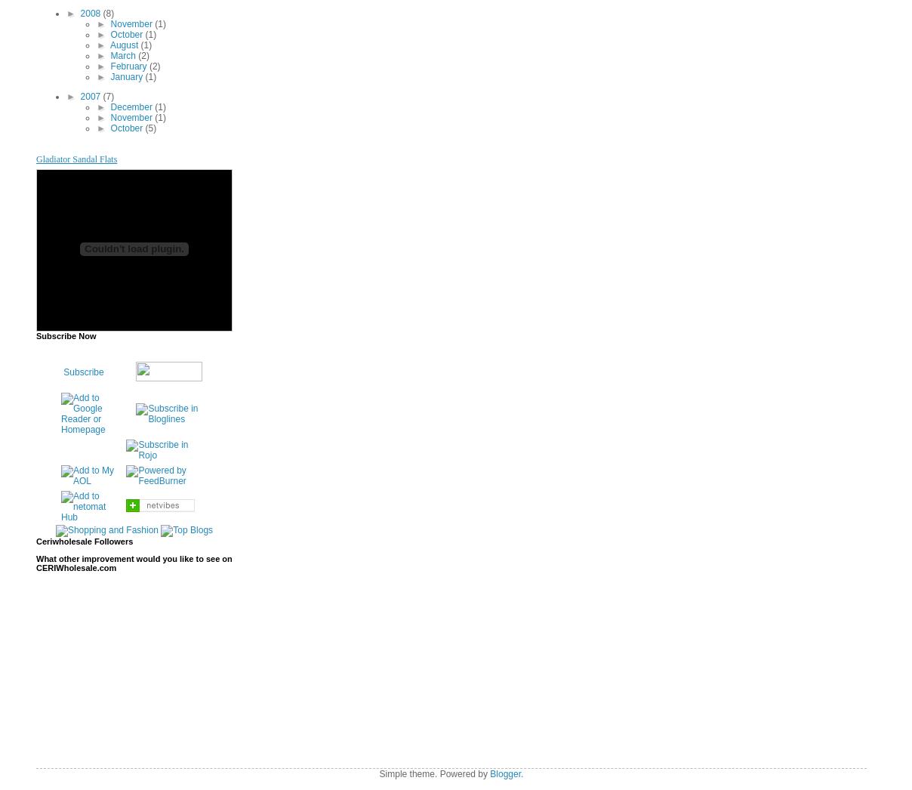 The height and width of the screenshot is (790, 912). I want to click on '(5)', so click(150, 128).